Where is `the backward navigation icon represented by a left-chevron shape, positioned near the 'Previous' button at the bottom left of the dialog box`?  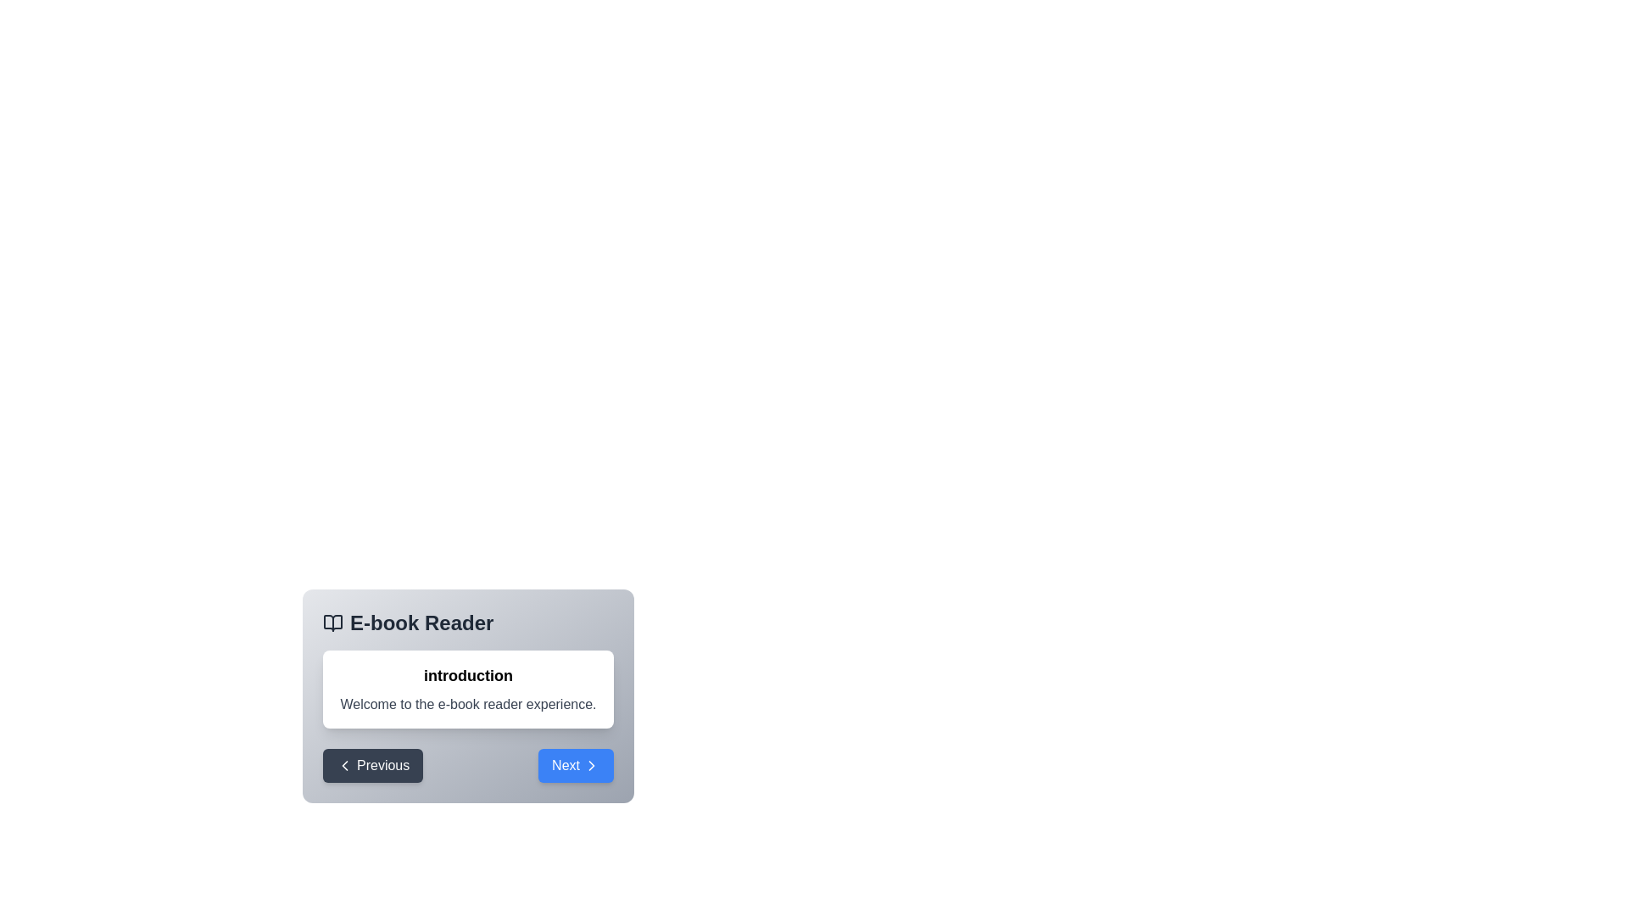
the backward navigation icon represented by a left-chevron shape, positioned near the 'Previous' button at the bottom left of the dialog box is located at coordinates (344, 765).